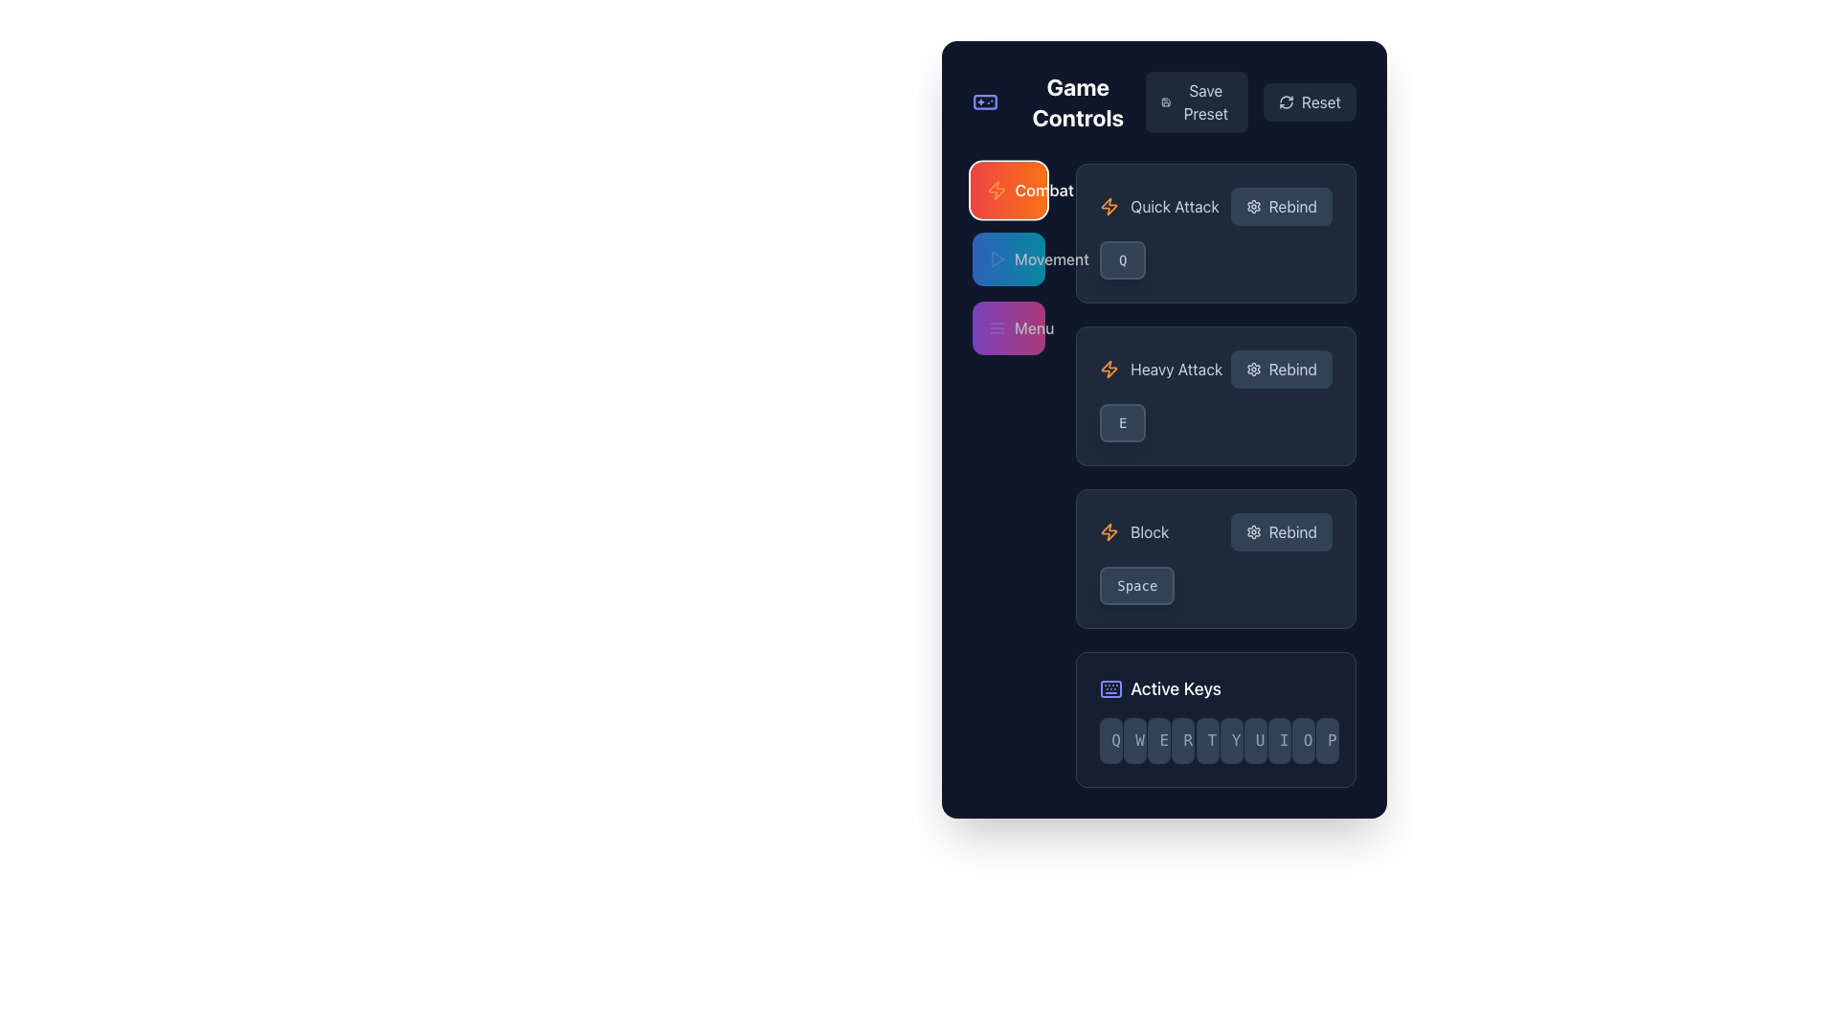  I want to click on the section header text label with an accompanying icon located at the upper-left section of the interface, preceding other elements like the 'Save Preset' button, so click(1058, 102).